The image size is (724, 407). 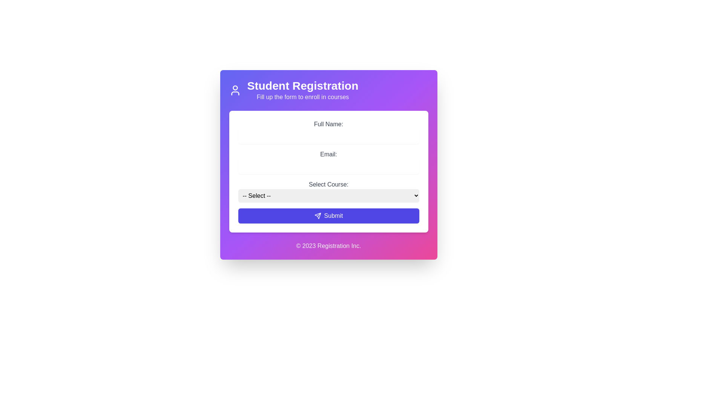 What do you see at coordinates (333, 216) in the screenshot?
I see `textual content of the label displaying 'Submit' within the dark blue button at the bottom center of the form` at bounding box center [333, 216].